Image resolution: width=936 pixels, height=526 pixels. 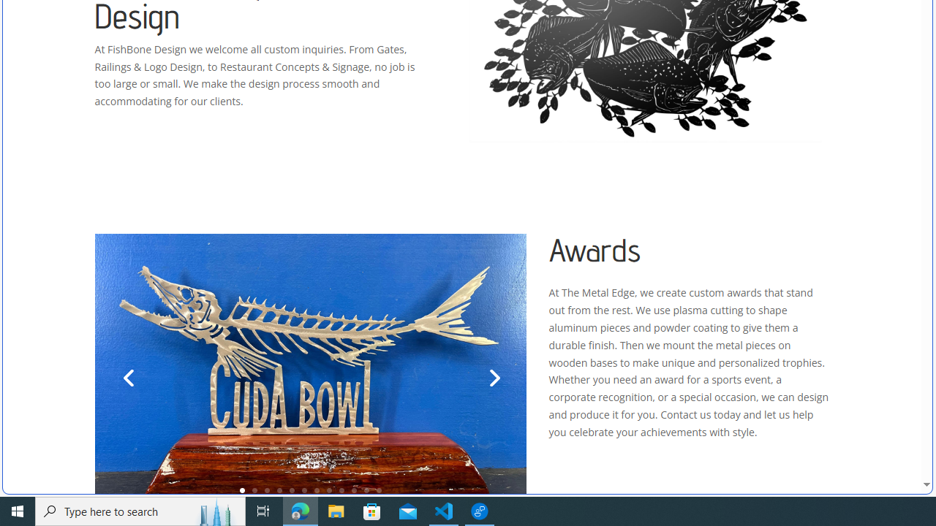 What do you see at coordinates (267, 490) in the screenshot?
I see `'3'` at bounding box center [267, 490].